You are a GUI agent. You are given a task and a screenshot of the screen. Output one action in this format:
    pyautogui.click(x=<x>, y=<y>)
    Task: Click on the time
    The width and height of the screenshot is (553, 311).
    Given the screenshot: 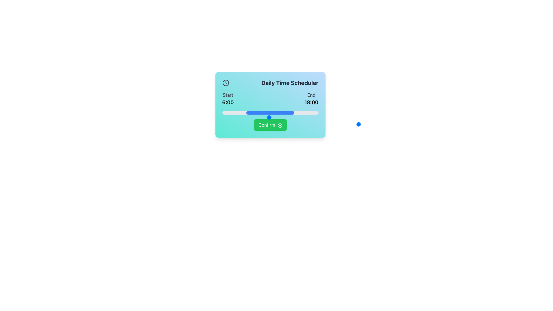 What is the action you would take?
    pyautogui.click(x=313, y=124)
    